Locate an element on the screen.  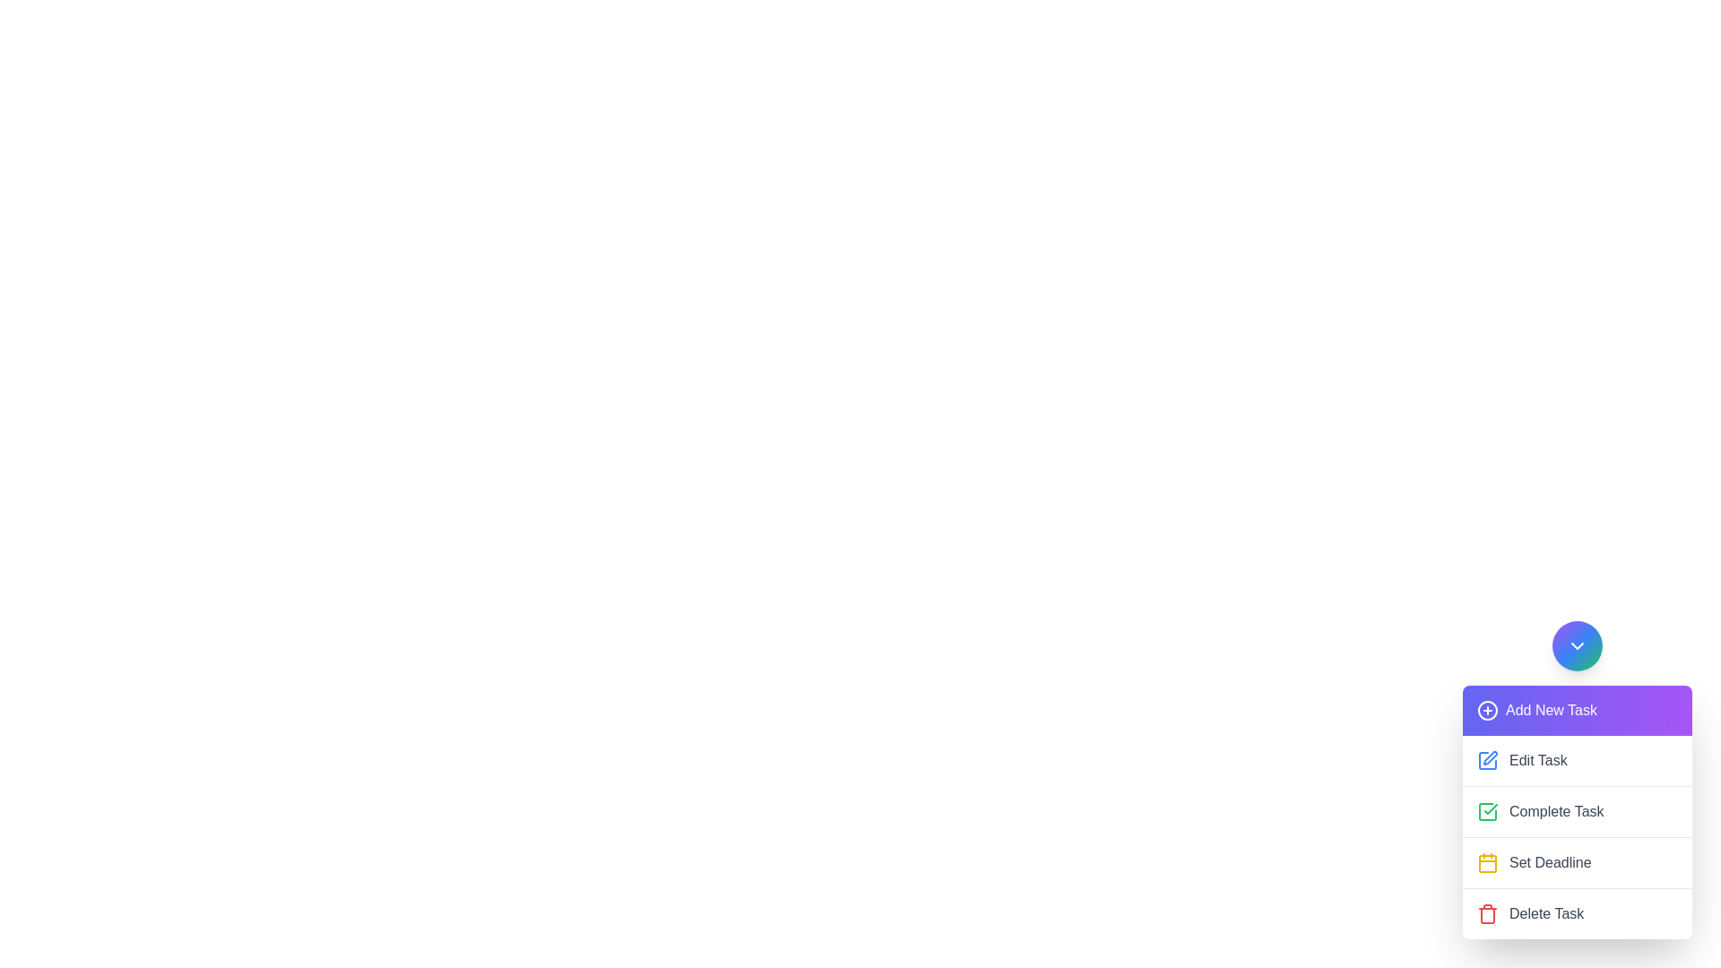
the icon that indicates the option to set a deadline, located to the left of the 'Set Deadline' text in the dropdown menu is located at coordinates (1488, 862).